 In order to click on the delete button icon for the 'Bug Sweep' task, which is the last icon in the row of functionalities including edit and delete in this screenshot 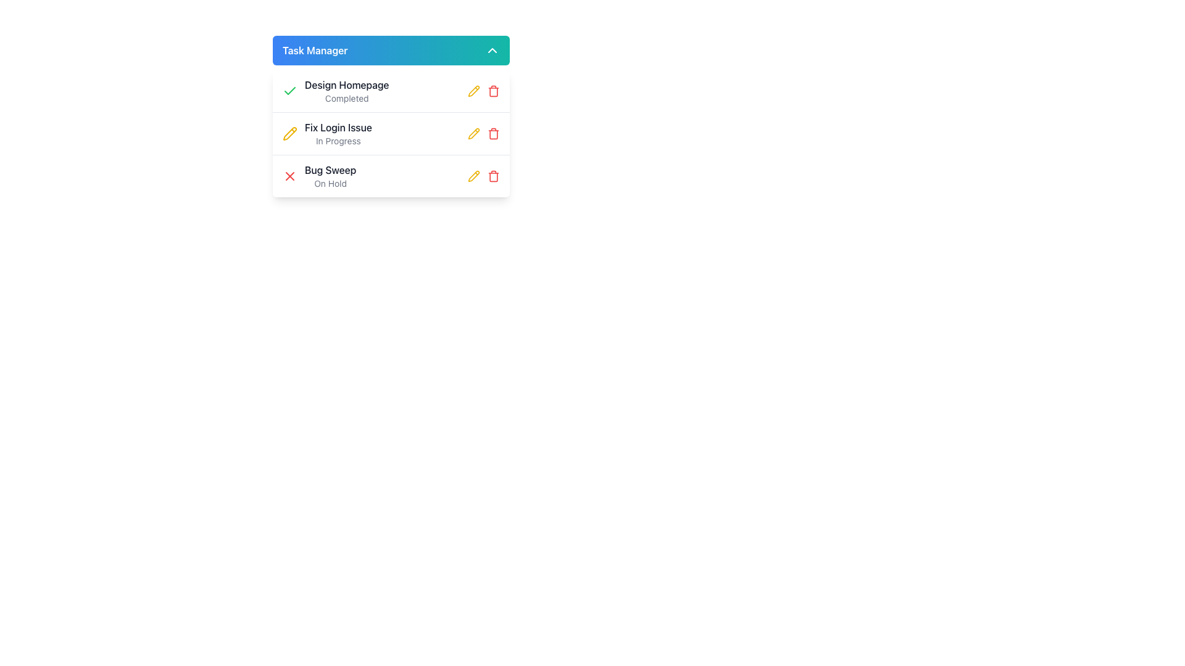, I will do `click(494, 176)`.